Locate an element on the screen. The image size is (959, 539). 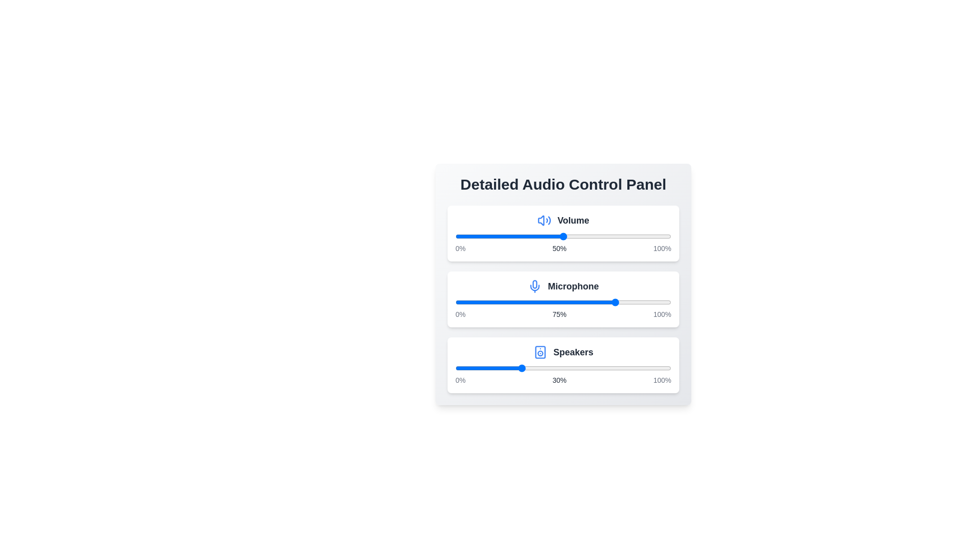
the speaker level to 91% using the slider is located at coordinates (652, 368).